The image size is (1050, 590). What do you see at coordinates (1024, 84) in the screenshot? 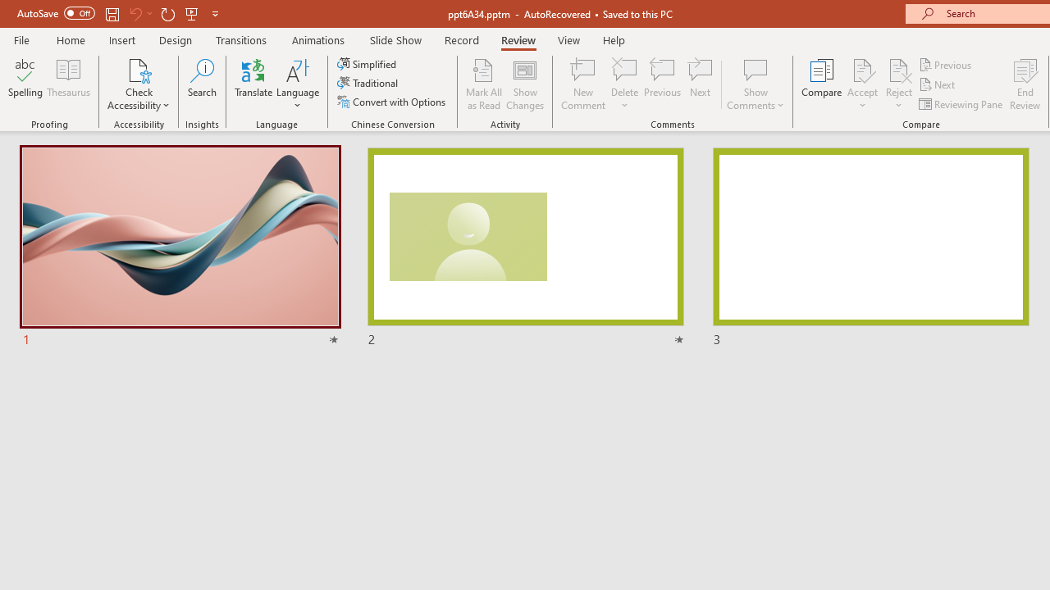
I see `'End Review'` at bounding box center [1024, 84].